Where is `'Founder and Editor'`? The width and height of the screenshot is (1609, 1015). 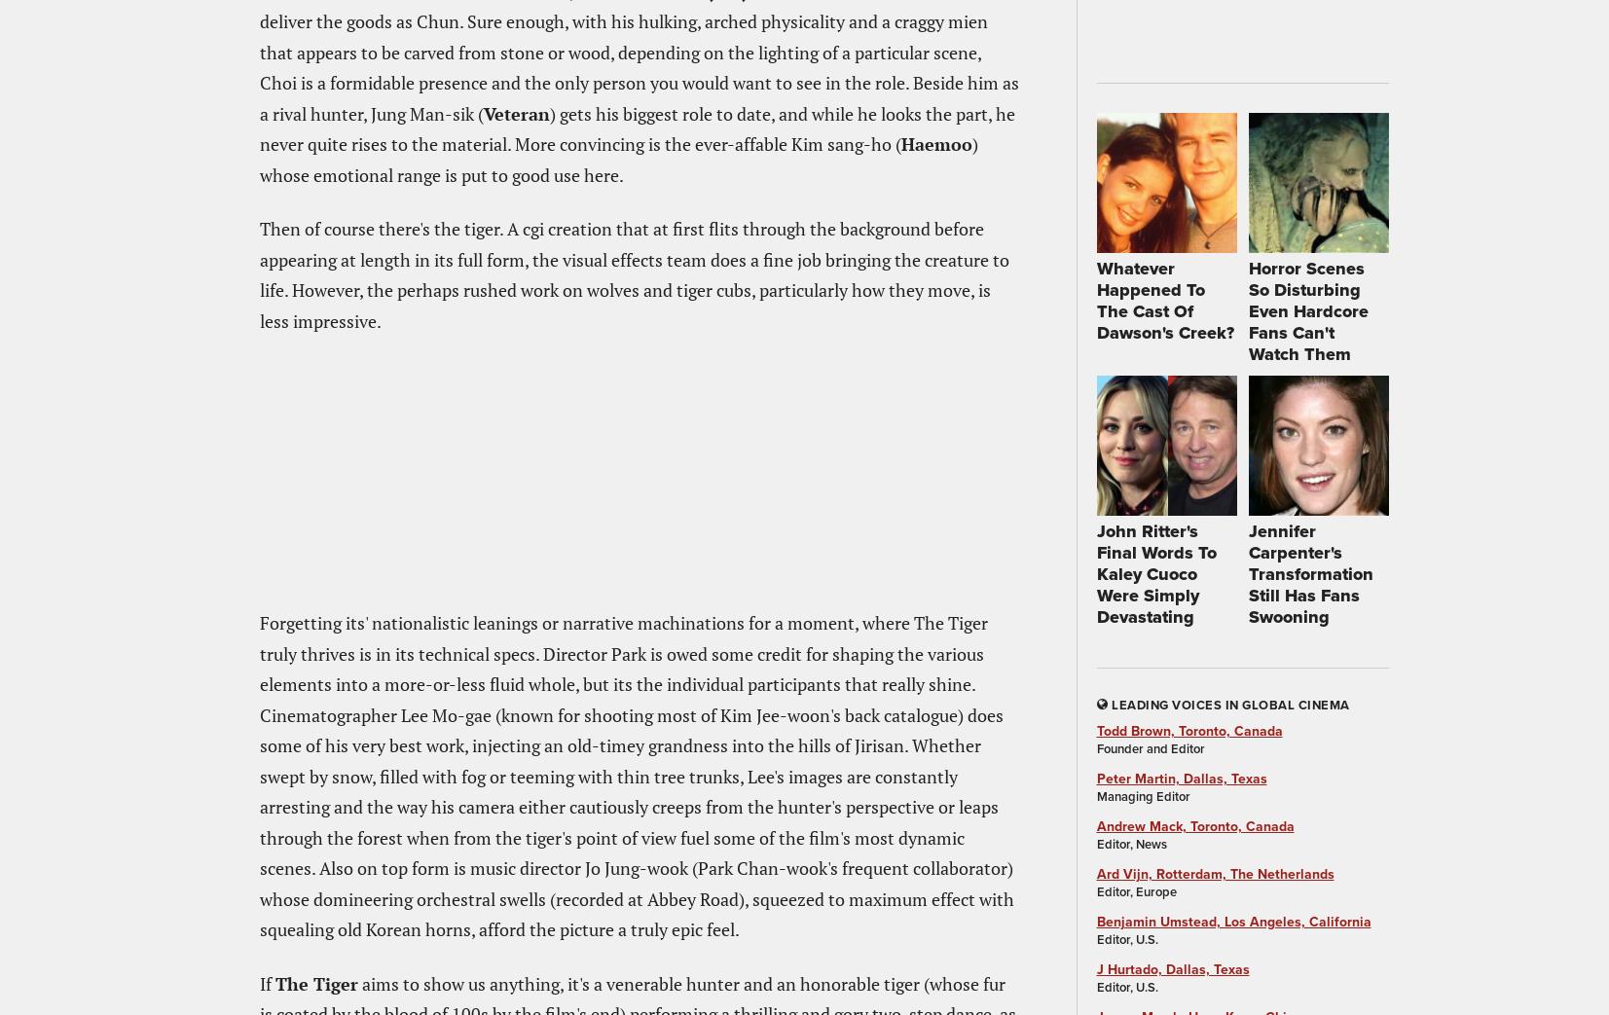 'Founder and Editor' is located at coordinates (1150, 747).